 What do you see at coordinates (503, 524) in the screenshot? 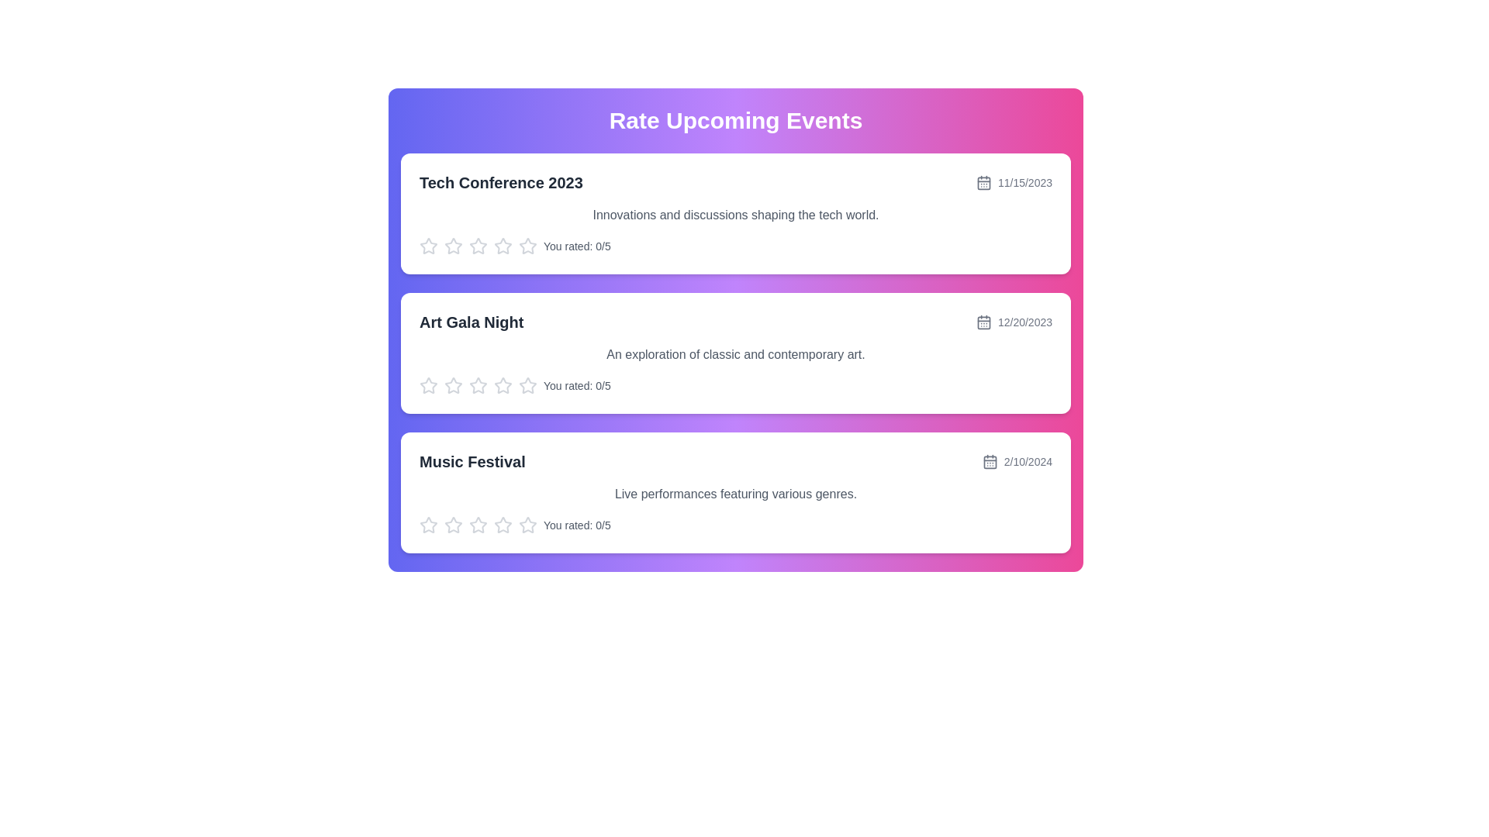
I see `the second rating star icon for the 'Music Festival' event` at bounding box center [503, 524].